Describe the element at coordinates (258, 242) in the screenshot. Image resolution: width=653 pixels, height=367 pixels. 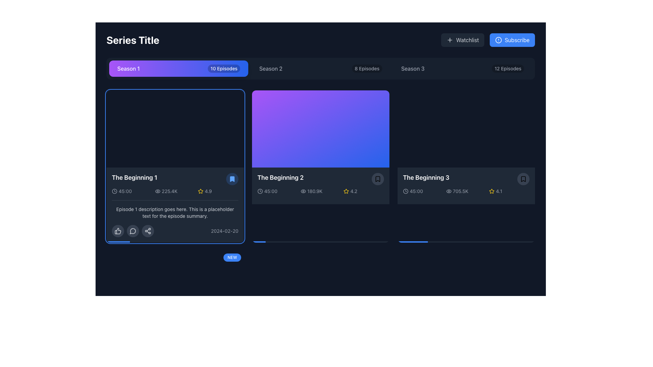
I see `the blue progress bar segment located at the bottom of the display area, which is a small segment of a wider gray bar` at that location.